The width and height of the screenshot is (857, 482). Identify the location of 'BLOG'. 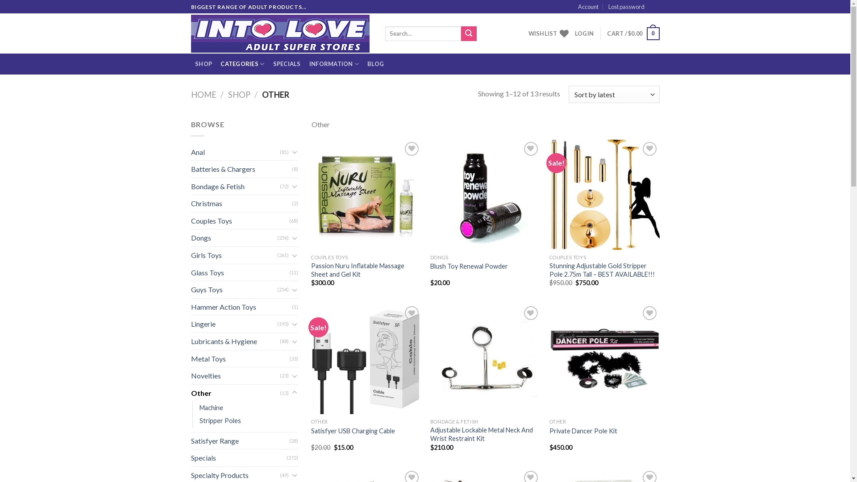
(375, 63).